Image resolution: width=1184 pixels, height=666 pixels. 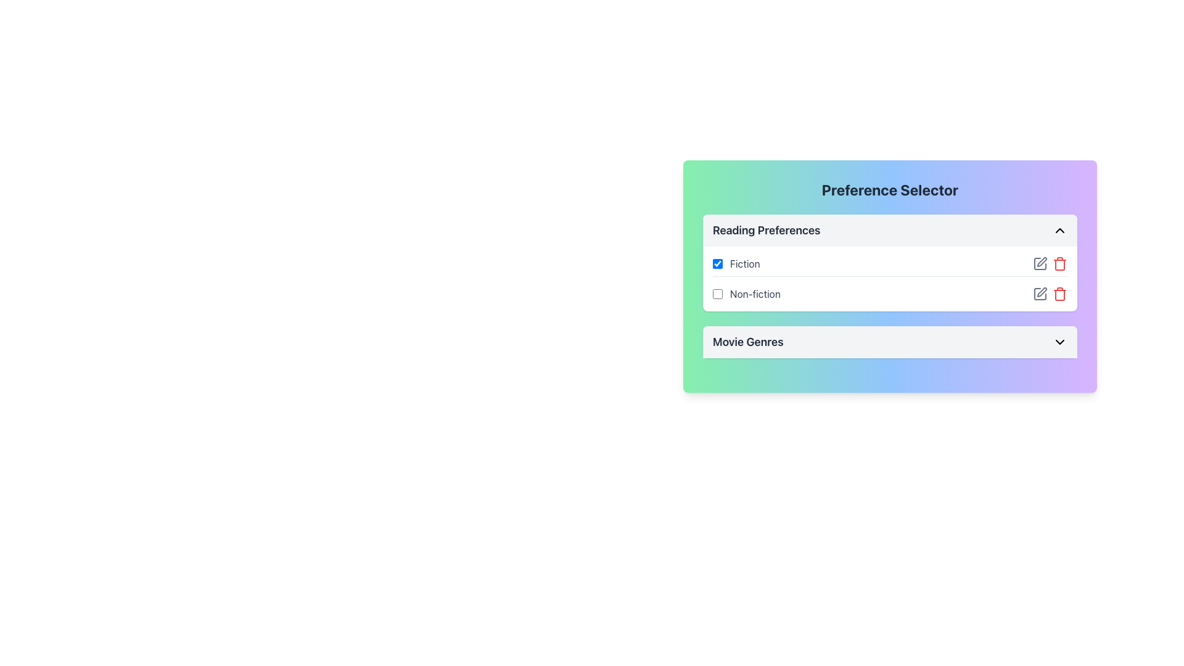 I want to click on the pen icon for editing located in the 'Reading Preferences' section, next to the 'Fiction' checkbox entry, so click(x=1039, y=263).